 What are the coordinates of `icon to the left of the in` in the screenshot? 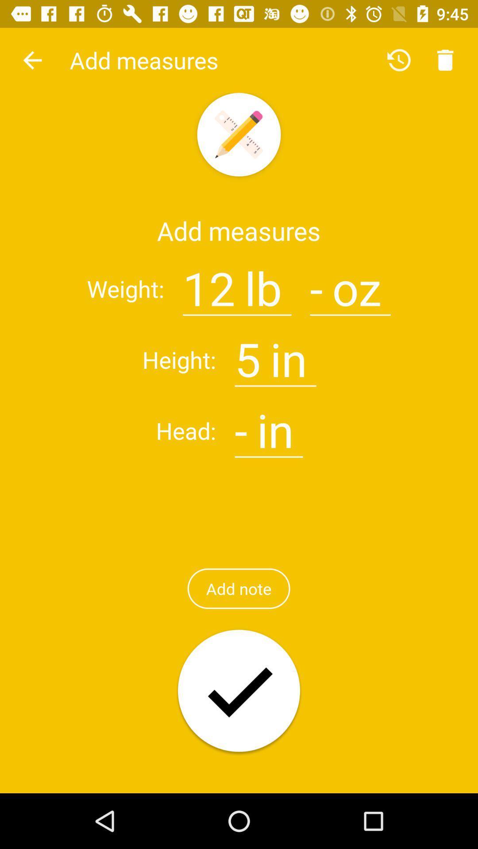 It's located at (247, 354).